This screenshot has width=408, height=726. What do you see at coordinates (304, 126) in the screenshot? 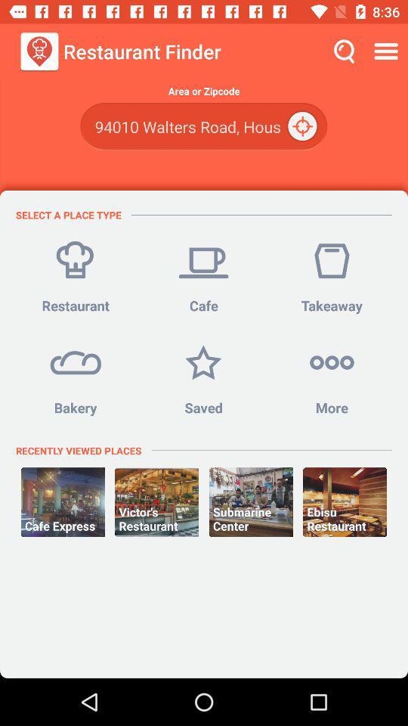
I see `the location_crosshair icon` at bounding box center [304, 126].